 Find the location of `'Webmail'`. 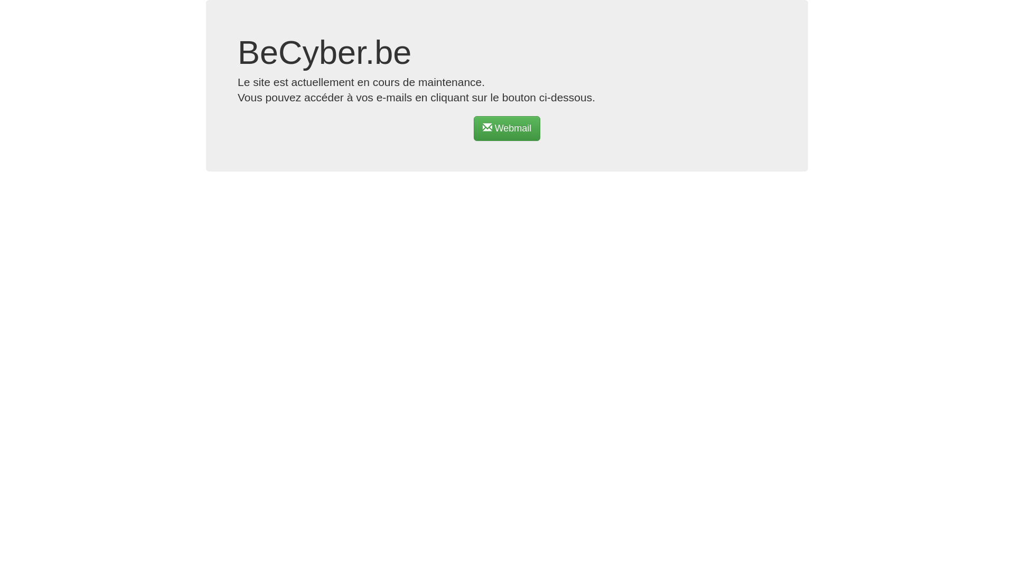

'Webmail' is located at coordinates (473, 128).